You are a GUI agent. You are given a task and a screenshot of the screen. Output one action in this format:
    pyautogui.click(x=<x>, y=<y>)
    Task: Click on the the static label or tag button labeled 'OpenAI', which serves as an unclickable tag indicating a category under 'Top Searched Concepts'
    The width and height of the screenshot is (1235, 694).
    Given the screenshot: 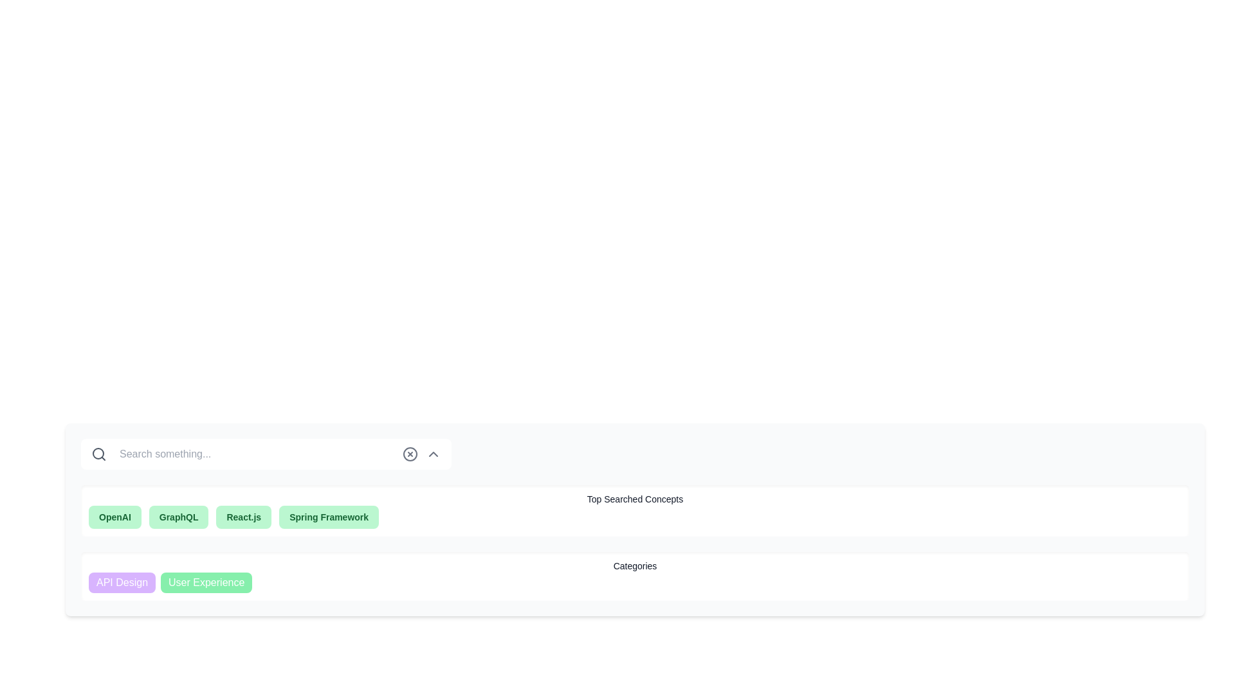 What is the action you would take?
    pyautogui.click(x=114, y=517)
    